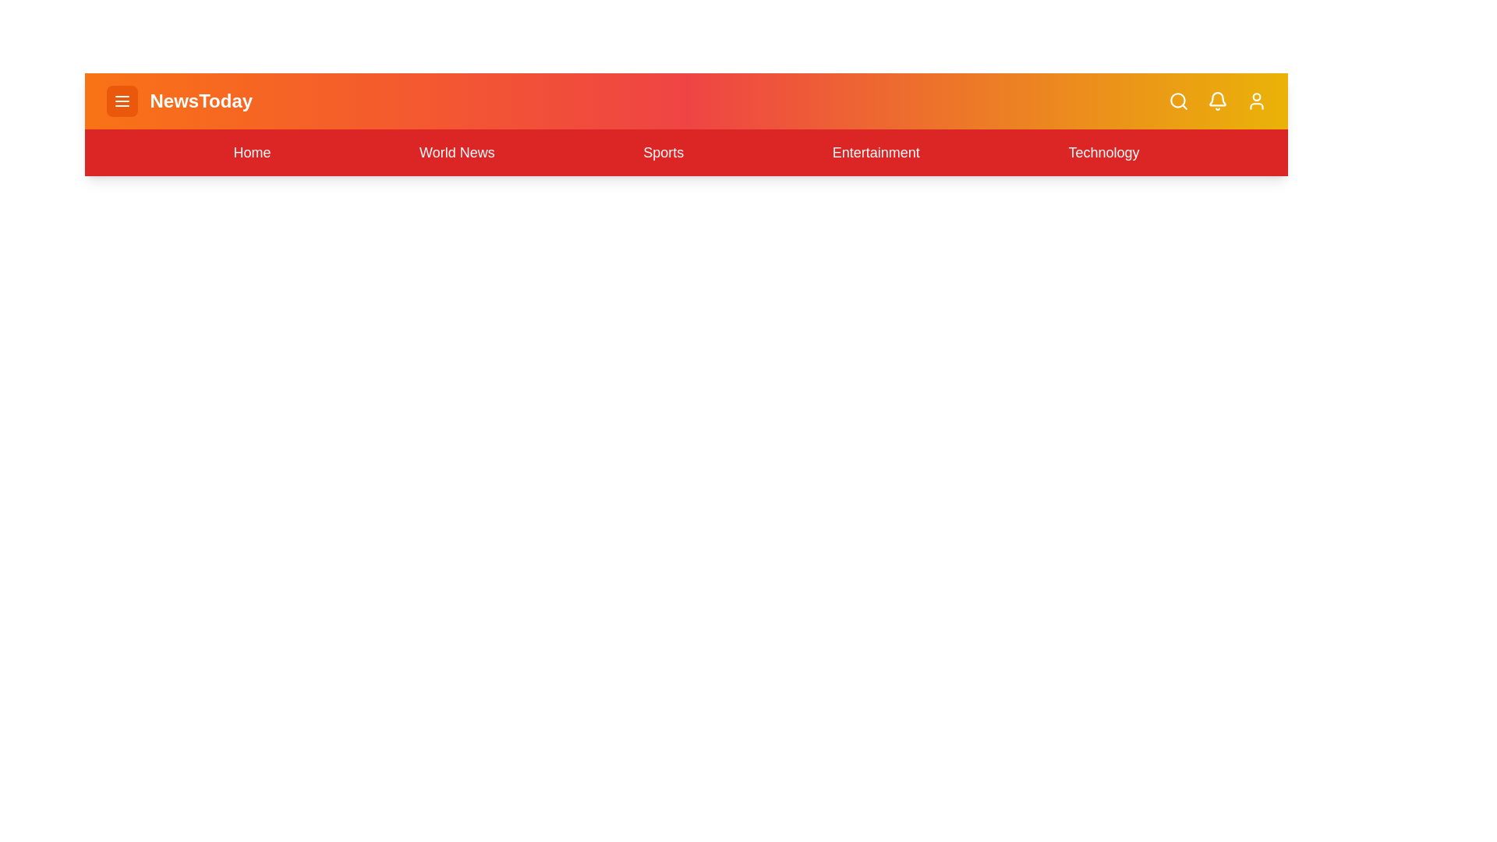 Image resolution: width=1497 pixels, height=842 pixels. What do you see at coordinates (876, 153) in the screenshot?
I see `the Entertainment navigation link in the menu` at bounding box center [876, 153].